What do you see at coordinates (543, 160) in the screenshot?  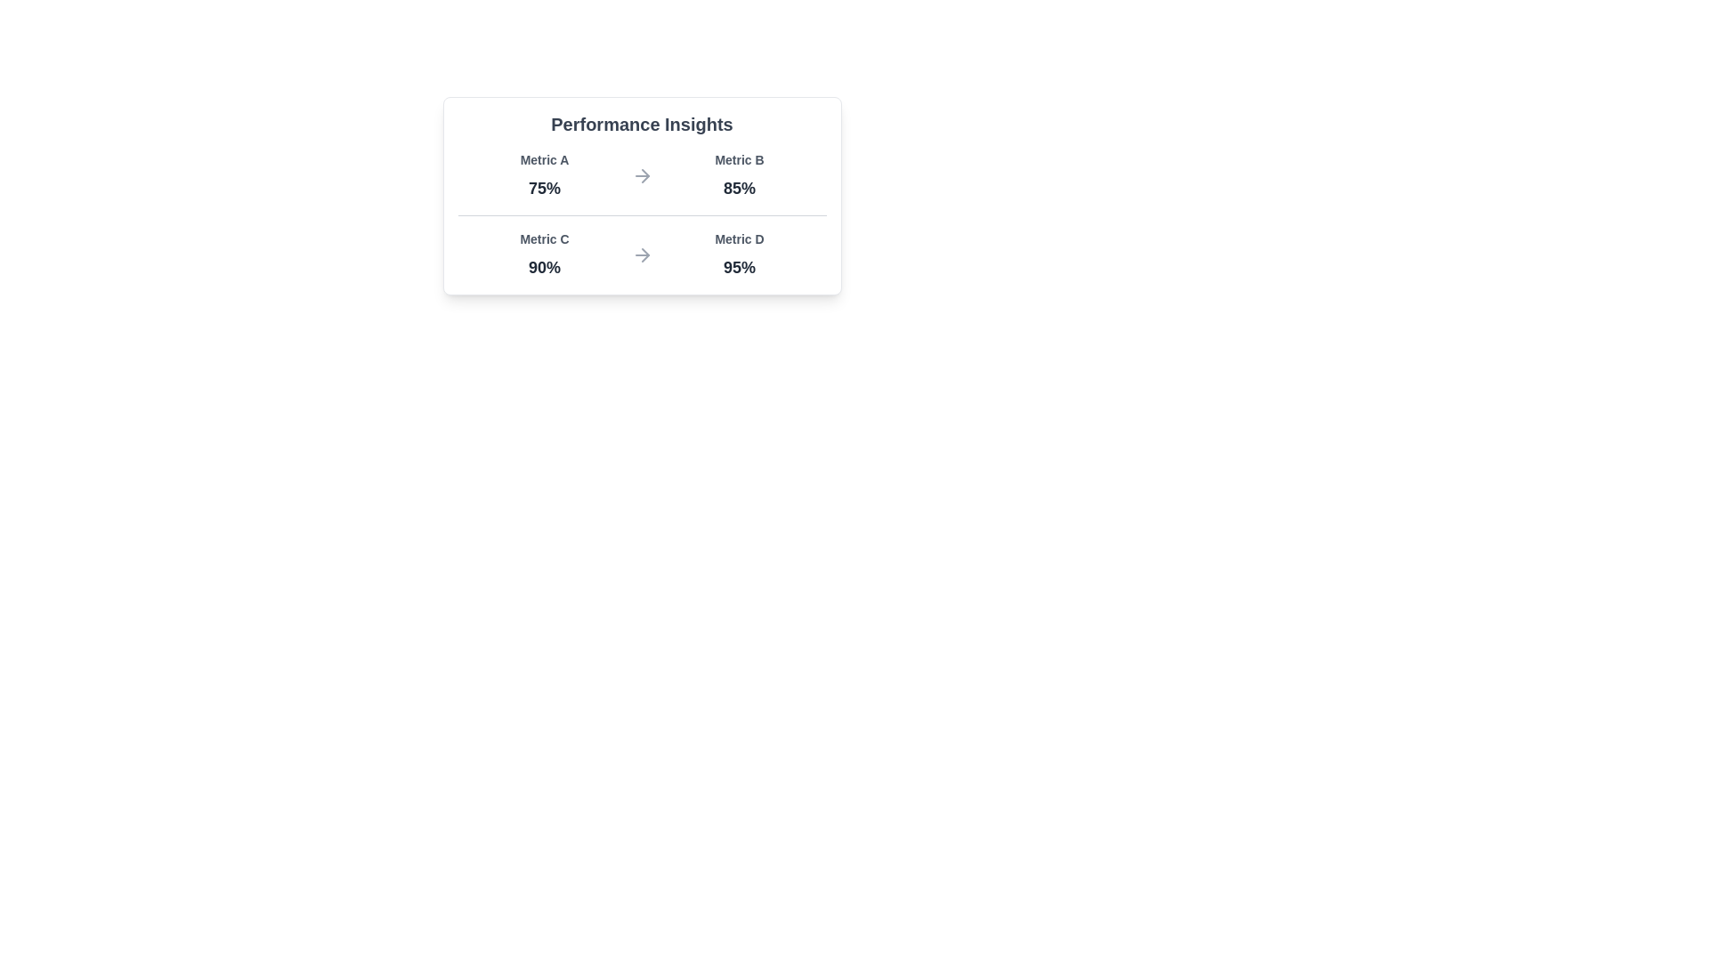 I see `the static text label that describes a numeric metric value in the 'Performance Insights' card layout, positioned in the top-left quadrant above the percentage value '75%'` at bounding box center [543, 160].